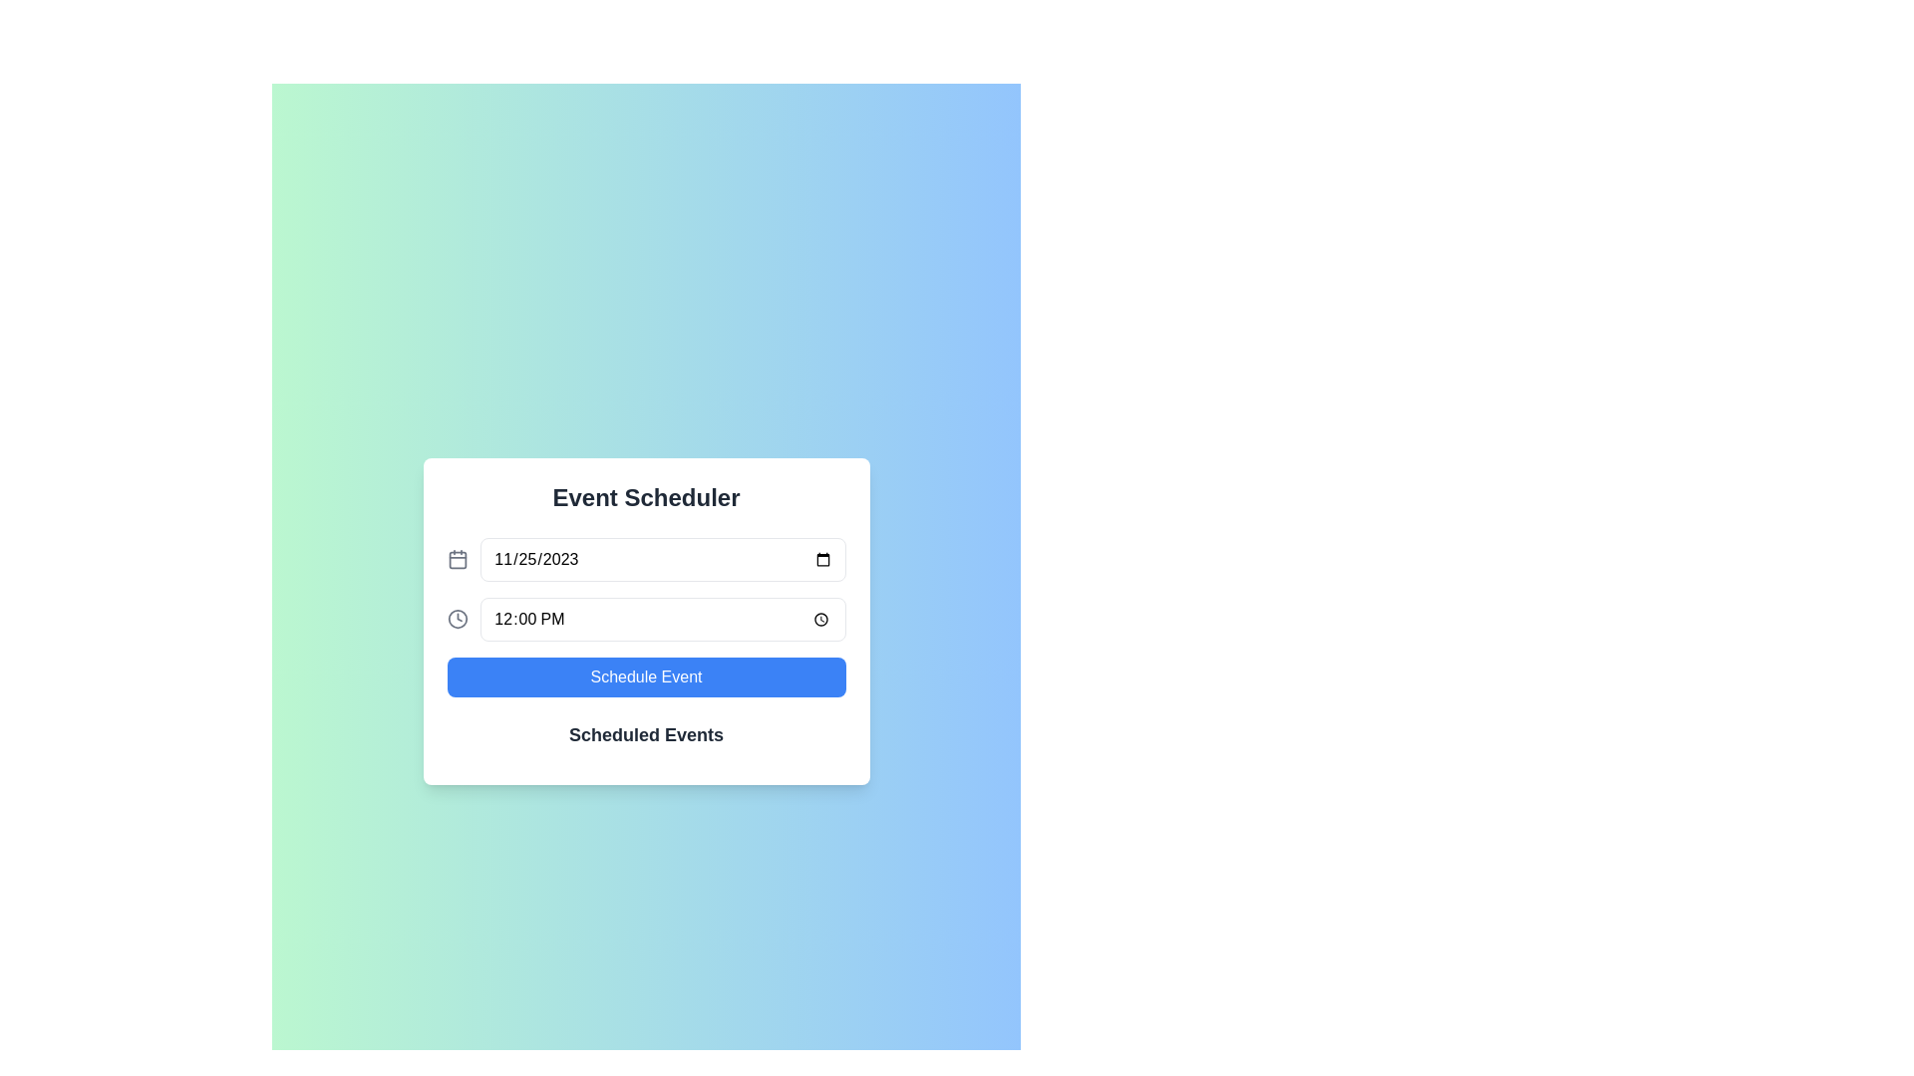  Describe the element at coordinates (646, 734) in the screenshot. I see `the text label 'Scheduled Events' that is styled in bold font and located below the button 'Schedule Event' inside a white card` at that location.